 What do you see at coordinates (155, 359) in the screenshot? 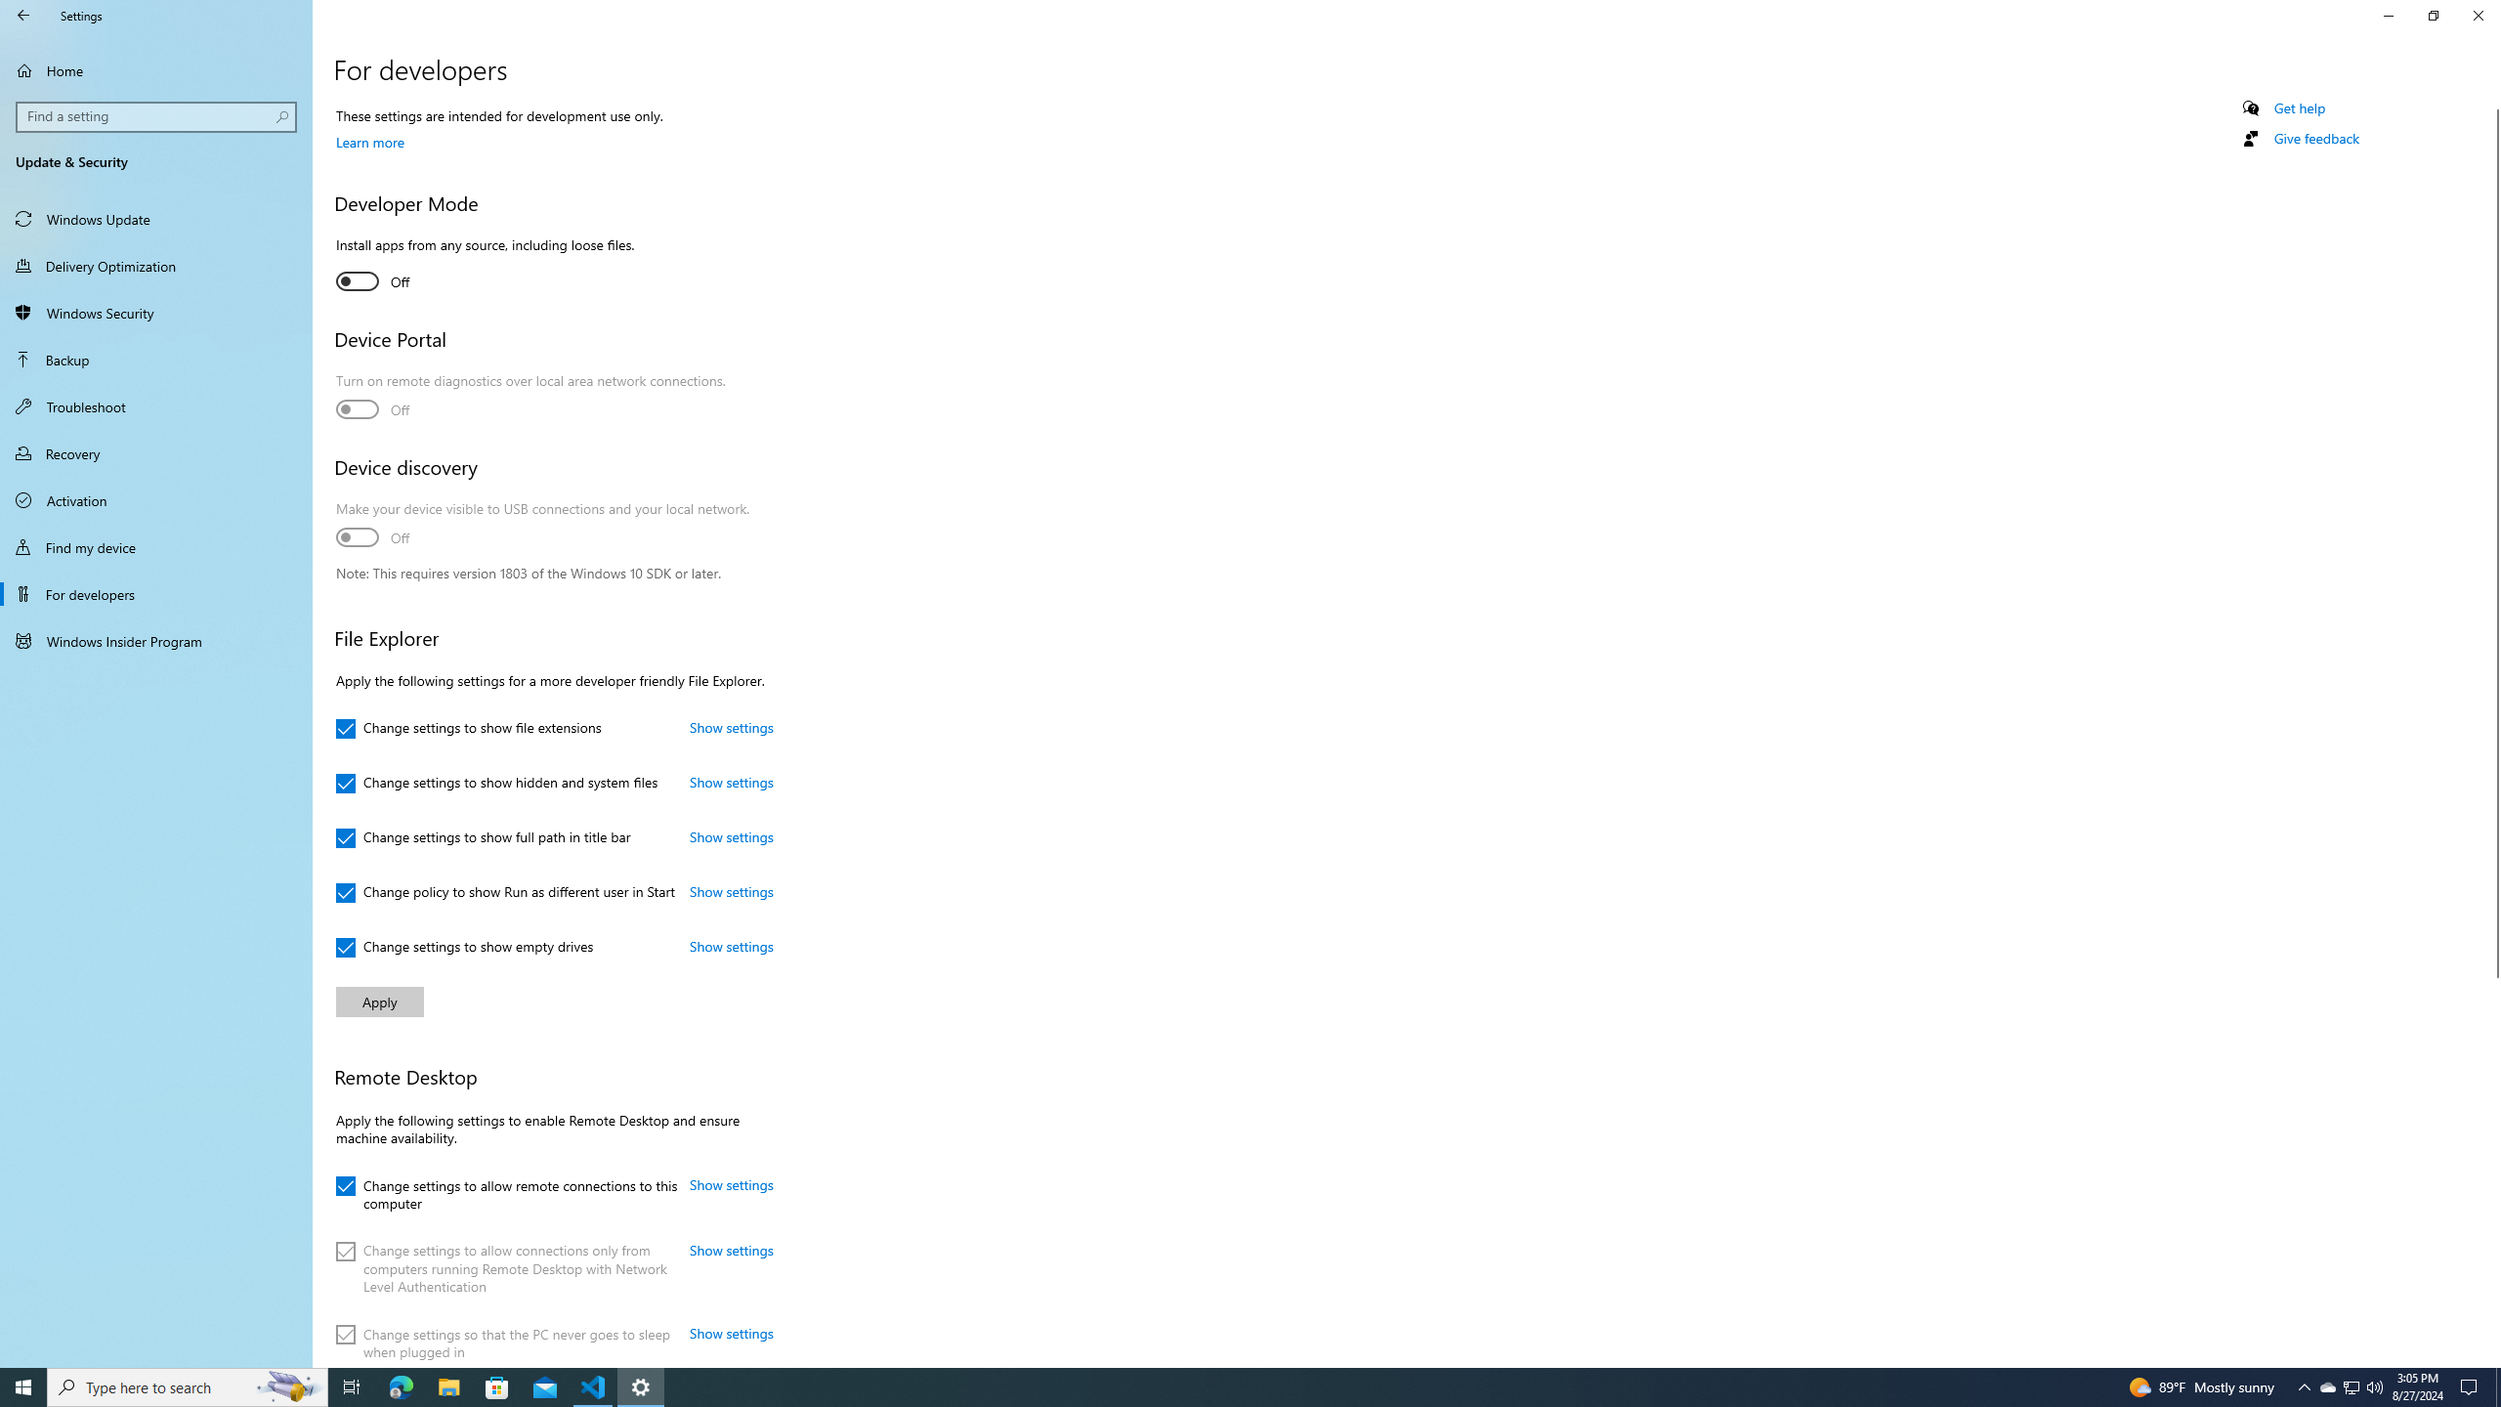
I see `'Backup'` at bounding box center [155, 359].